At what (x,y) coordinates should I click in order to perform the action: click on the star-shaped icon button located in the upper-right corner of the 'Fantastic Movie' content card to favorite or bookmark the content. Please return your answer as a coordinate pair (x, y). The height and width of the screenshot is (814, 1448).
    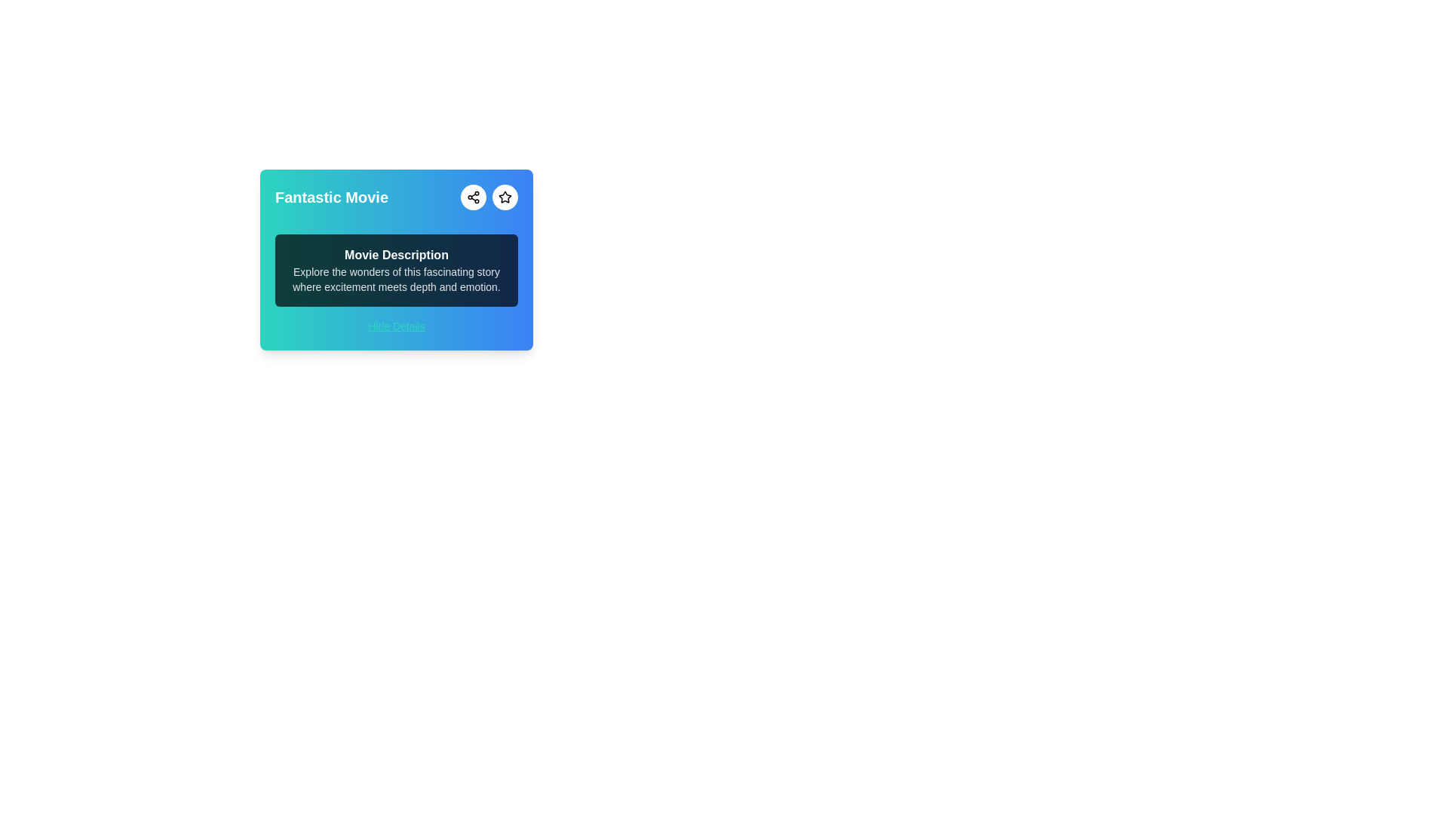
    Looking at the image, I should click on (505, 197).